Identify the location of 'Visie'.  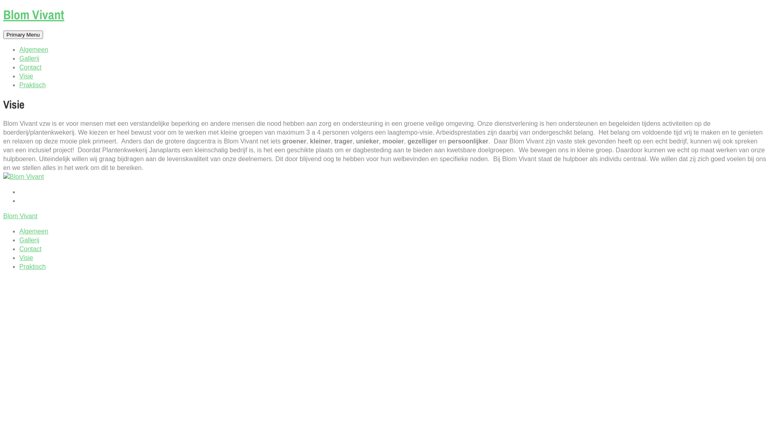
(26, 258).